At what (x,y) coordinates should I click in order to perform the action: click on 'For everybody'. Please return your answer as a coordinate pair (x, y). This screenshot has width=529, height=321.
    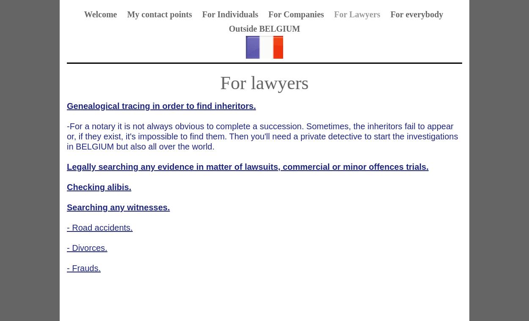
    Looking at the image, I should click on (416, 14).